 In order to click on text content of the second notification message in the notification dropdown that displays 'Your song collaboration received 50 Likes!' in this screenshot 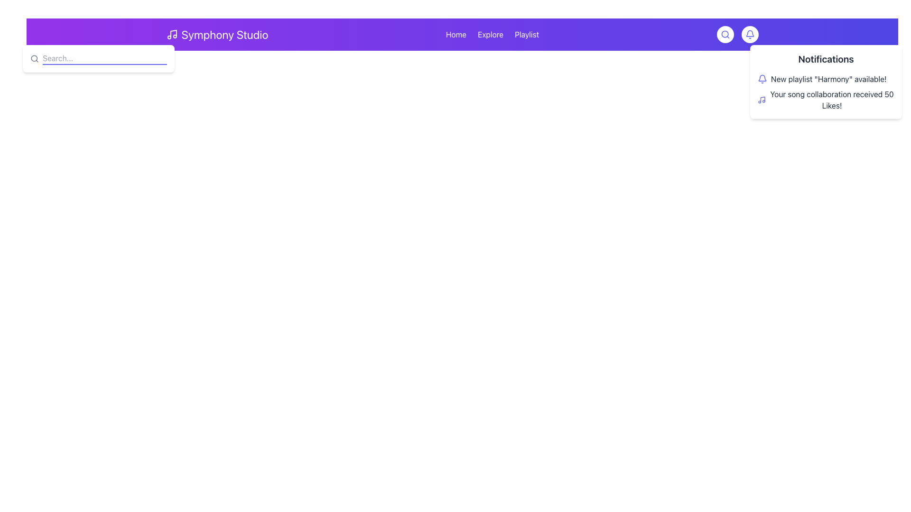, I will do `click(831, 100)`.